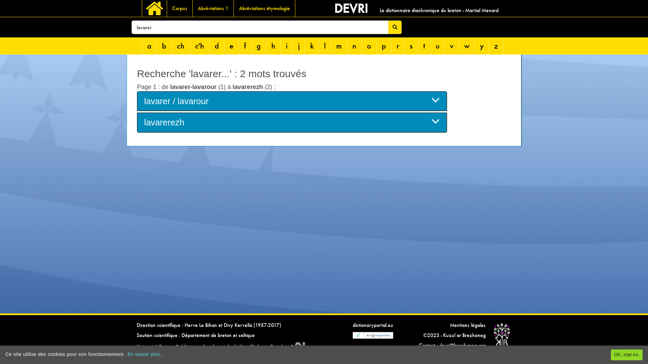 This screenshot has width=648, height=364. What do you see at coordinates (626, 355) in the screenshot?
I see `'OK, mat eo.'` at bounding box center [626, 355].